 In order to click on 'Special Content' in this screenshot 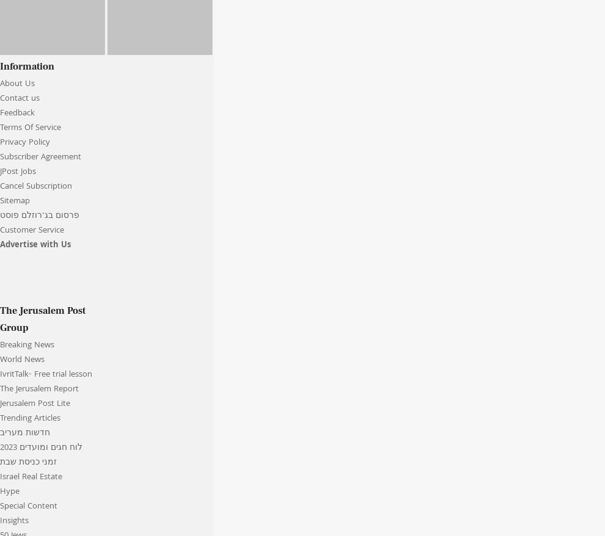, I will do `click(28, 505)`.